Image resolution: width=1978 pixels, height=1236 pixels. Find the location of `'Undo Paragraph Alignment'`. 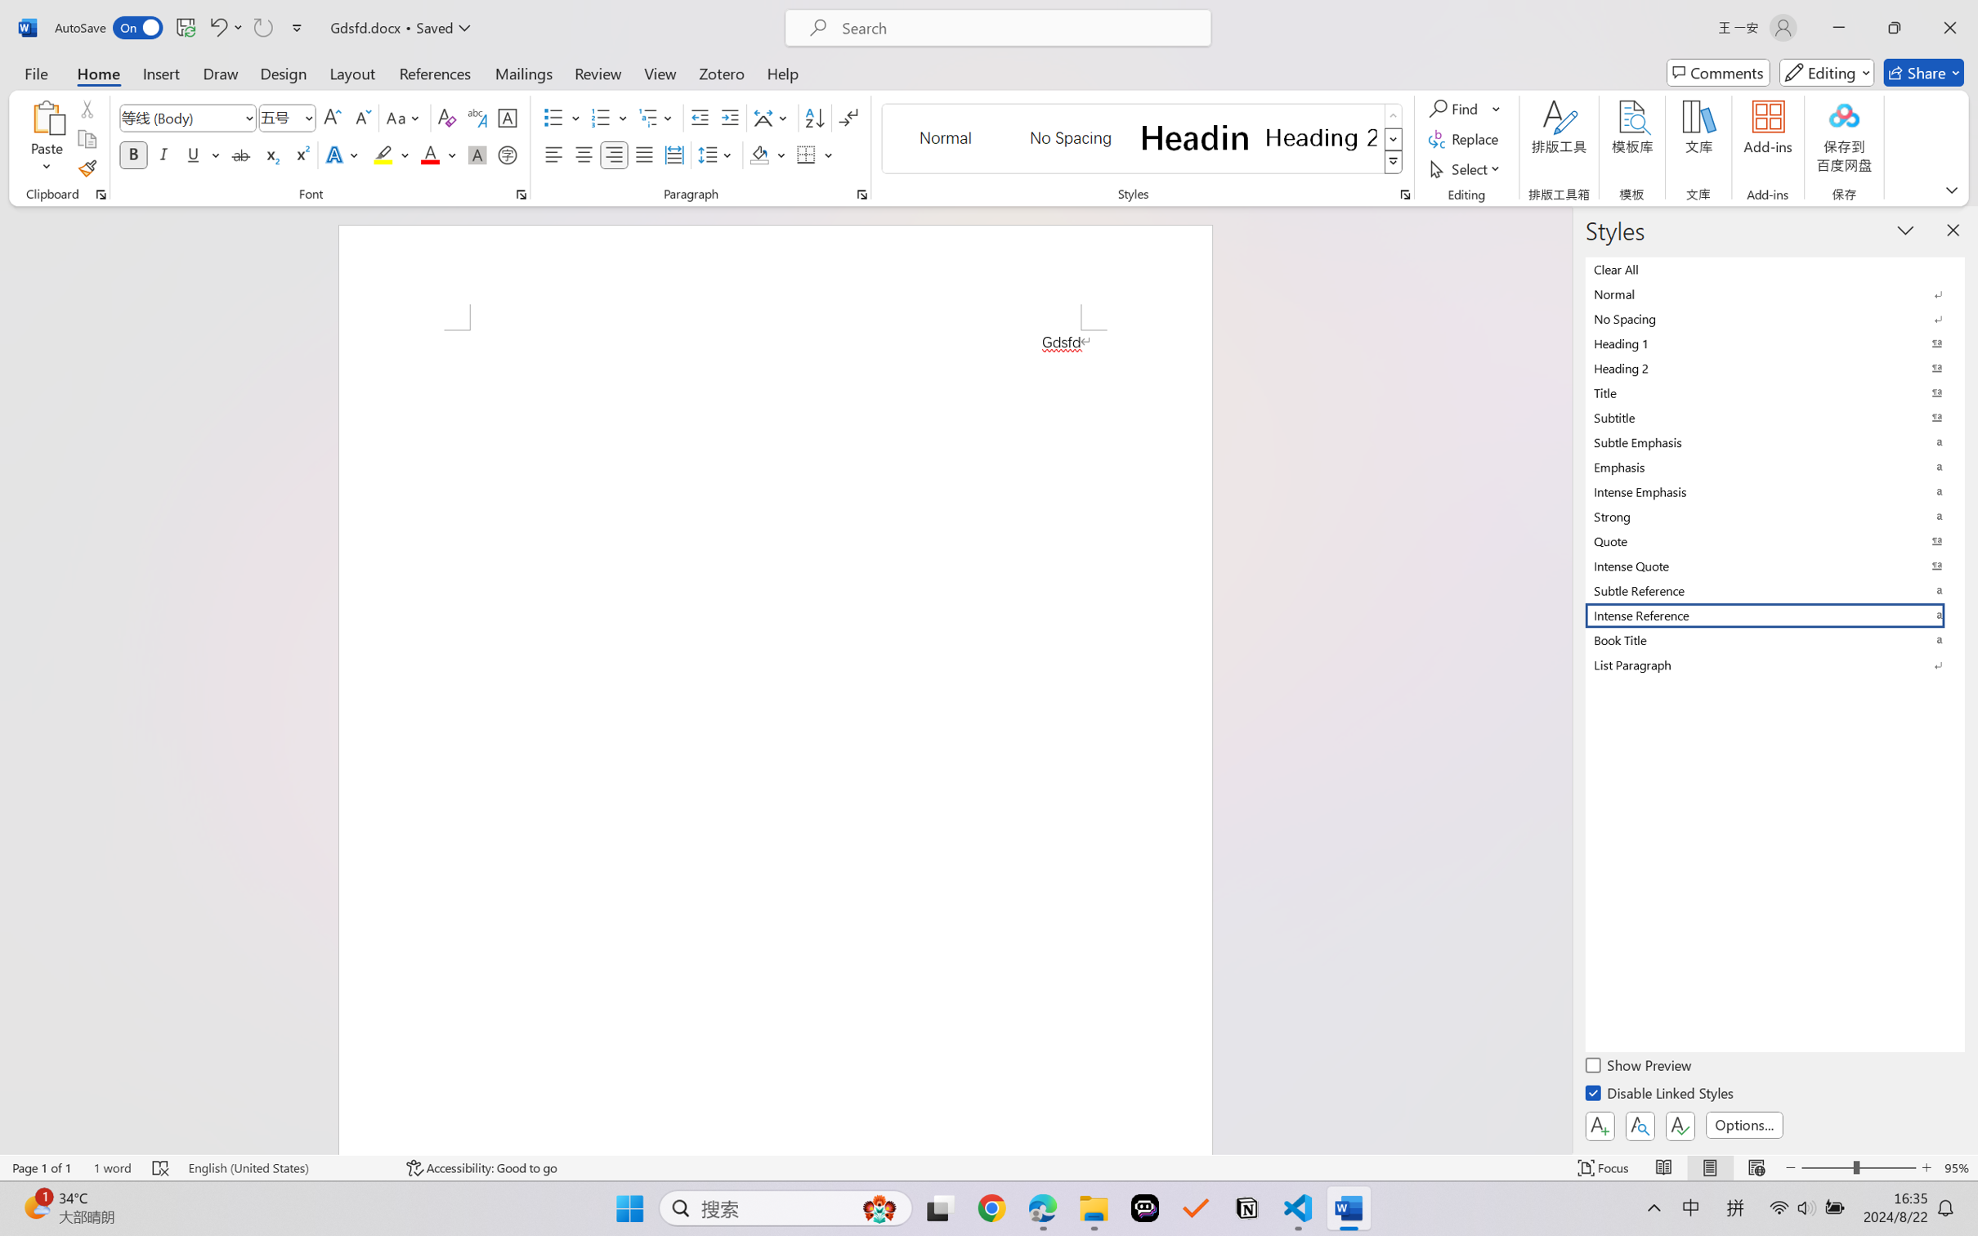

'Undo Paragraph Alignment' is located at coordinates (224, 27).